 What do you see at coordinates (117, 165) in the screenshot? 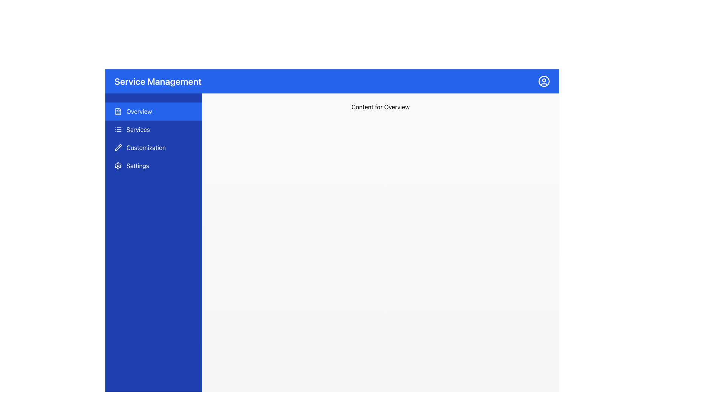
I see `the settings icon located in the vertical navigation bar on the left-side panel, which is the fourth item from the top` at bounding box center [117, 165].